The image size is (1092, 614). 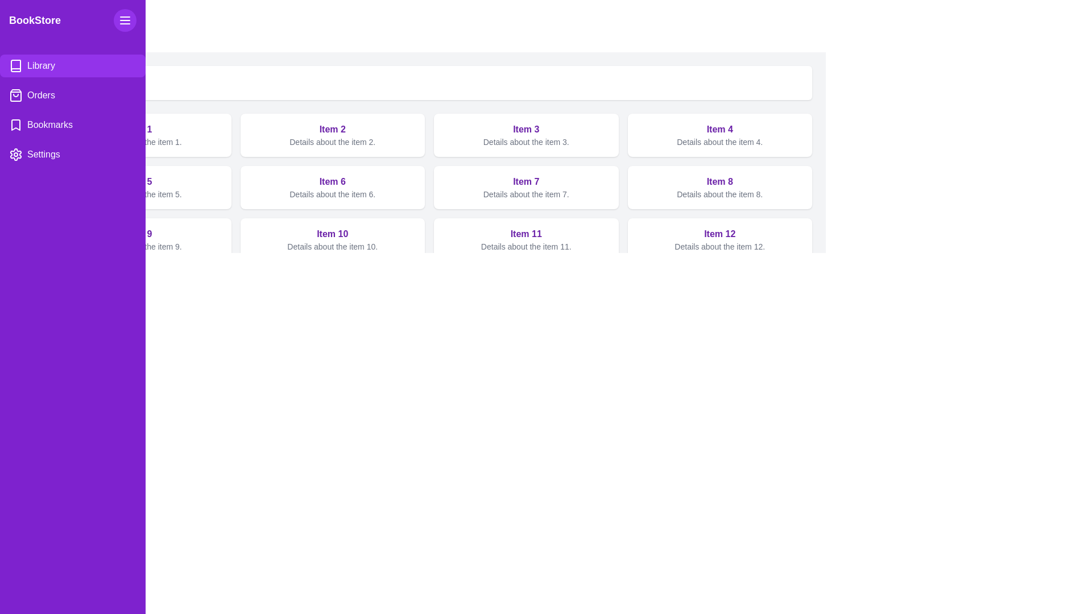 I want to click on the Informational Card titled 'Item 10', which features a white background, rounded corners, and a shadow effect, located in the last row of the grid layout, so click(x=332, y=239).